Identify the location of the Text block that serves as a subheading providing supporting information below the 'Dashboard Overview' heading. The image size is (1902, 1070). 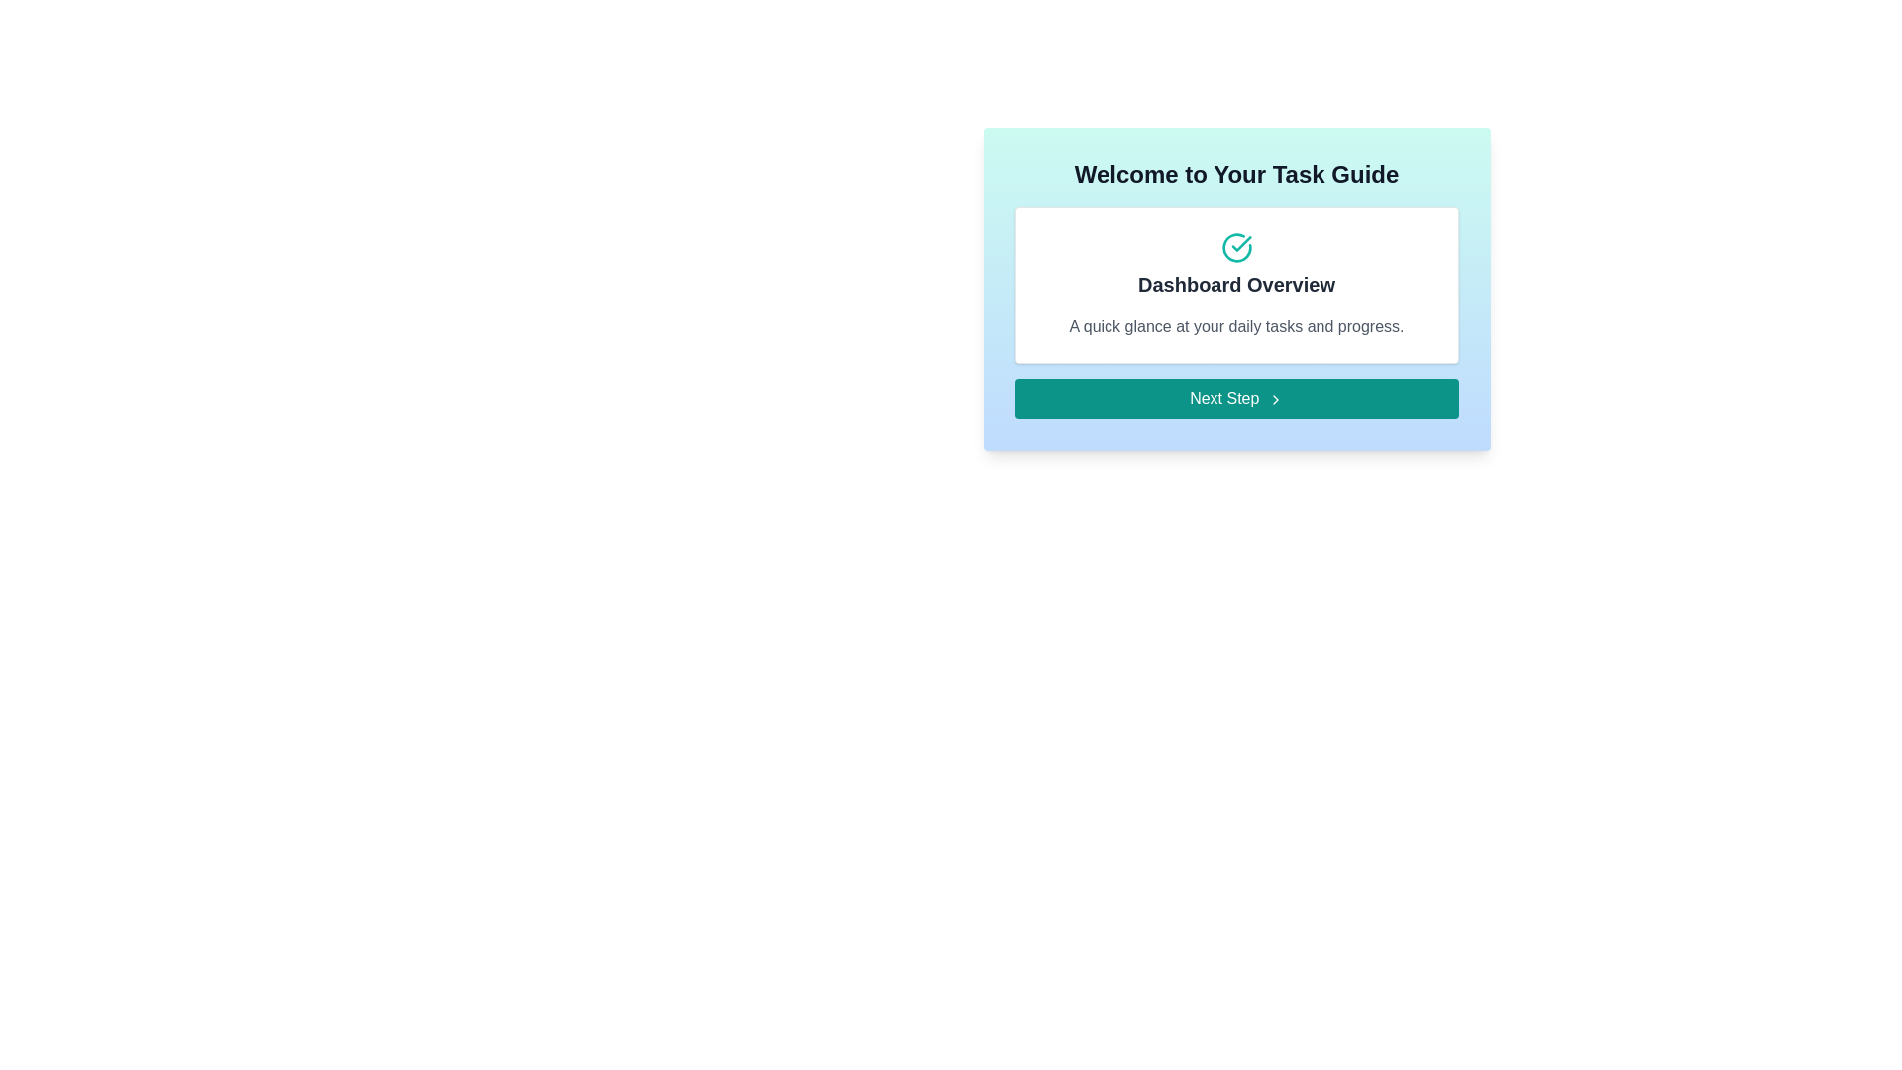
(1235, 326).